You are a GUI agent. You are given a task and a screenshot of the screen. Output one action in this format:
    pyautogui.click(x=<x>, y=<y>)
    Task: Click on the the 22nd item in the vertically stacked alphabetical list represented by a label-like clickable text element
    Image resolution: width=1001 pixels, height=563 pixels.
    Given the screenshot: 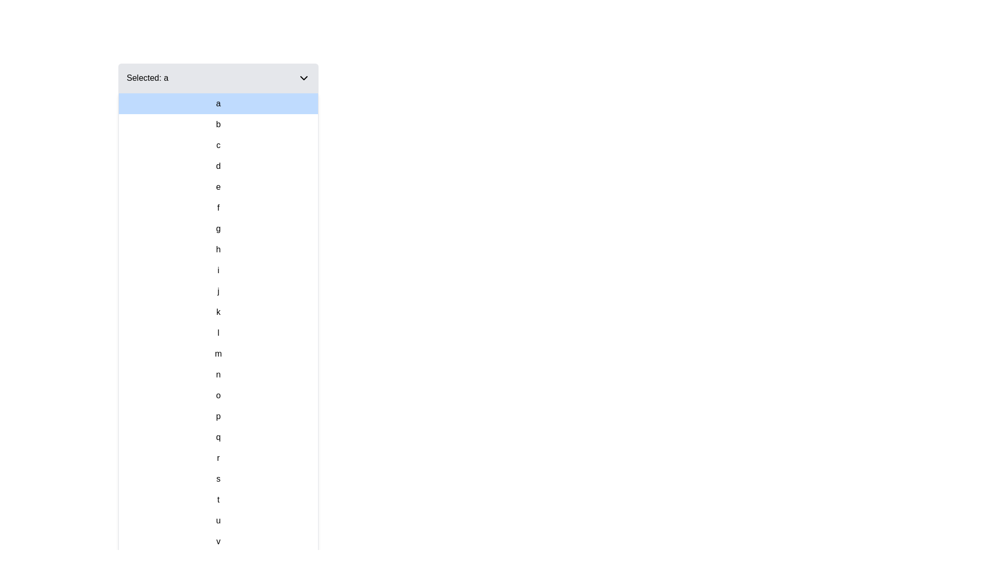 What is the action you would take?
    pyautogui.click(x=217, y=541)
    